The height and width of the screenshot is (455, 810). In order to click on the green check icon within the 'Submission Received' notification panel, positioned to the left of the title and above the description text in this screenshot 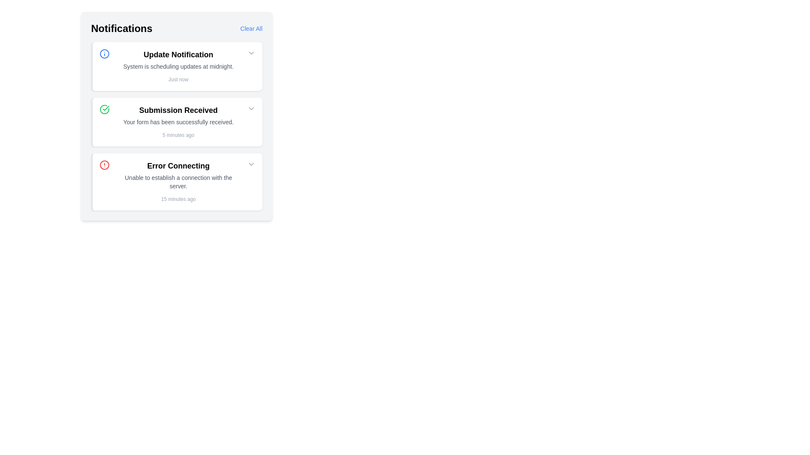, I will do `click(104, 109)`.